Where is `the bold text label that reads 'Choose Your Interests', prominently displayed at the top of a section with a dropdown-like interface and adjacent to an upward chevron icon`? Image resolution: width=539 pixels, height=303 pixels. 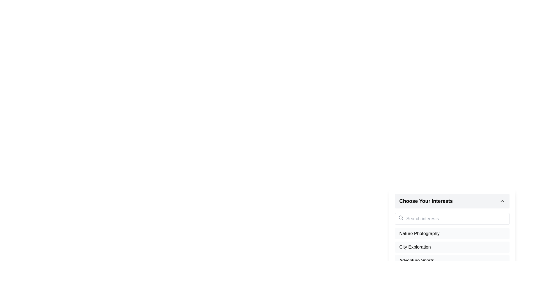 the bold text label that reads 'Choose Your Interests', prominently displayed at the top of a section with a dropdown-like interface and adjacent to an upward chevron icon is located at coordinates (426, 201).